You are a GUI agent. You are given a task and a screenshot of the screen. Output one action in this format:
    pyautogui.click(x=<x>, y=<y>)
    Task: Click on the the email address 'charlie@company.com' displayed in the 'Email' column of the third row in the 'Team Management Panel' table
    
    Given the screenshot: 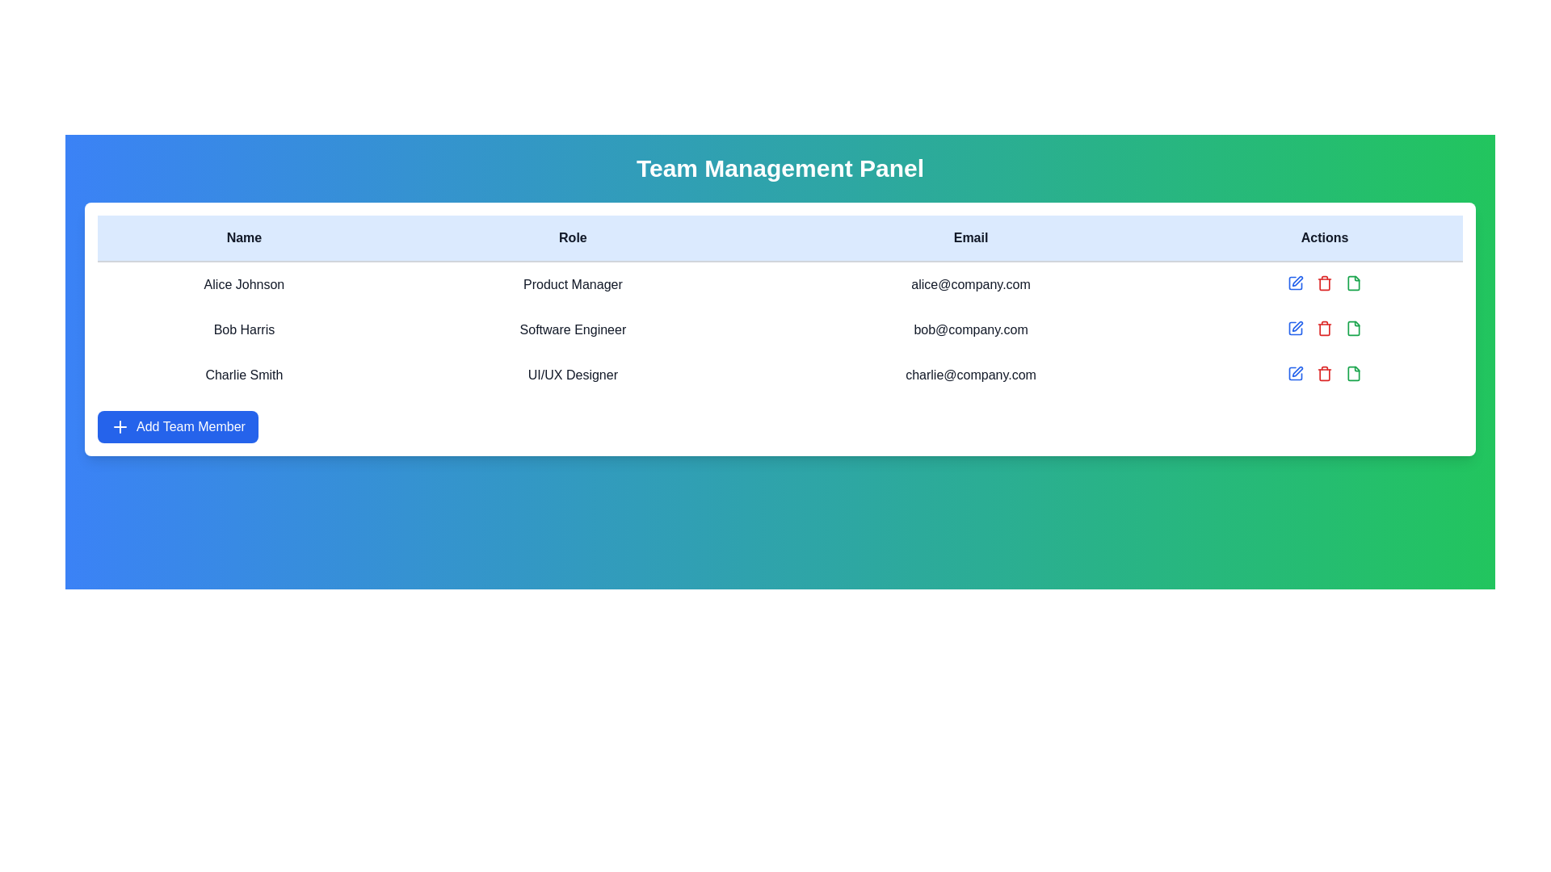 What is the action you would take?
    pyautogui.click(x=970, y=375)
    